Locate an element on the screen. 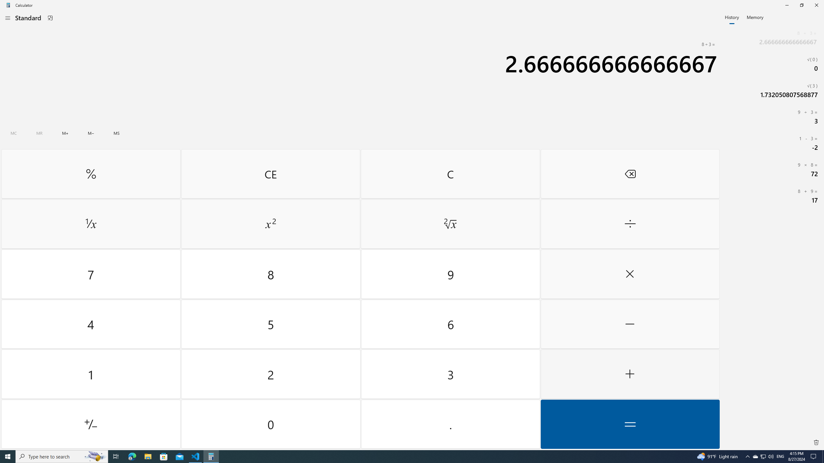 The width and height of the screenshot is (824, 463). 'Tray Input Indicator - English (United States)' is located at coordinates (780, 456).